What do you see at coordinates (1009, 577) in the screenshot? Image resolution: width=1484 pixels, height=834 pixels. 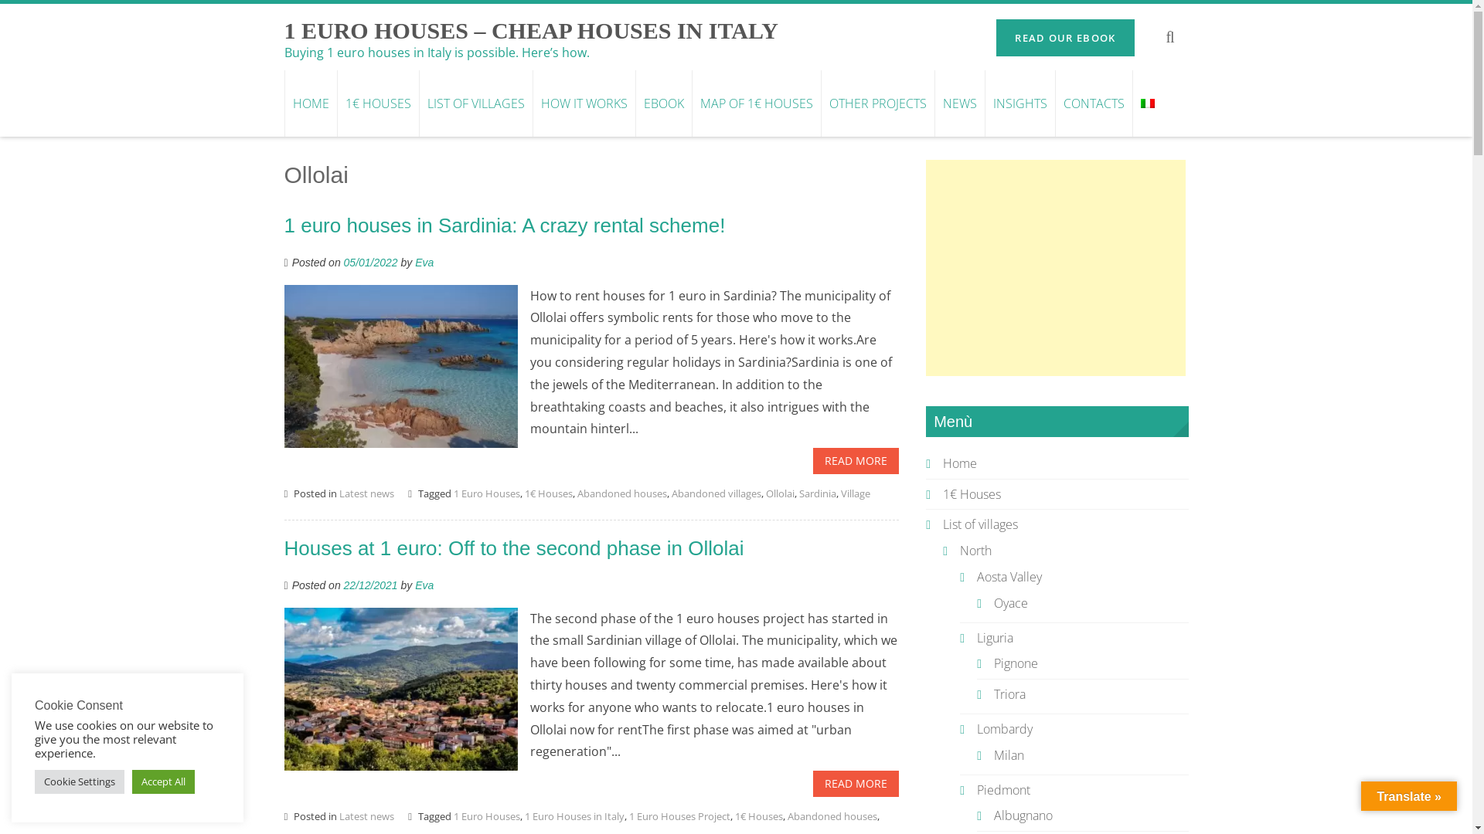 I see `'Aosta Valley'` at bounding box center [1009, 577].